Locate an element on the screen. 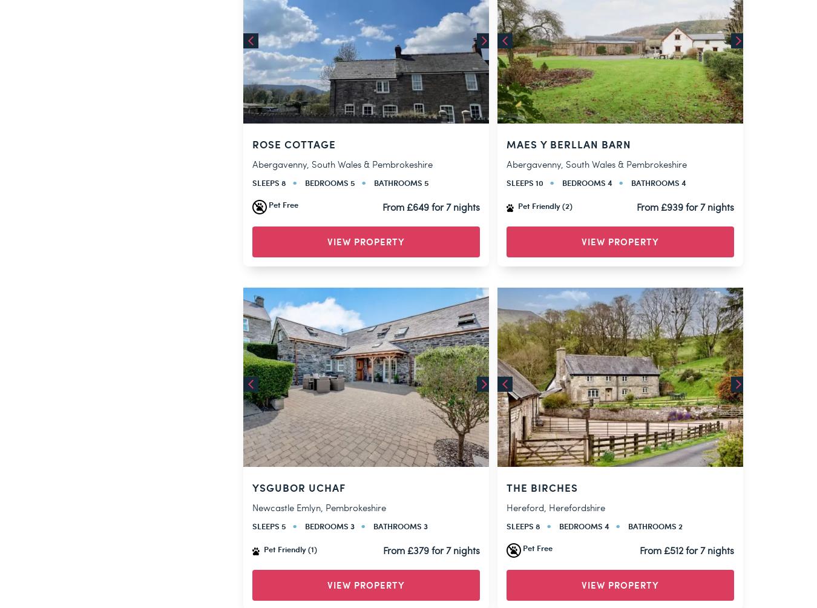 This screenshot has height=608, width=817. 'Pet Free' is located at coordinates (537, 179).